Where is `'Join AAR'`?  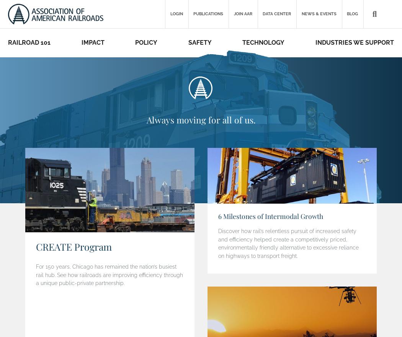 'Join AAR' is located at coordinates (242, 13).